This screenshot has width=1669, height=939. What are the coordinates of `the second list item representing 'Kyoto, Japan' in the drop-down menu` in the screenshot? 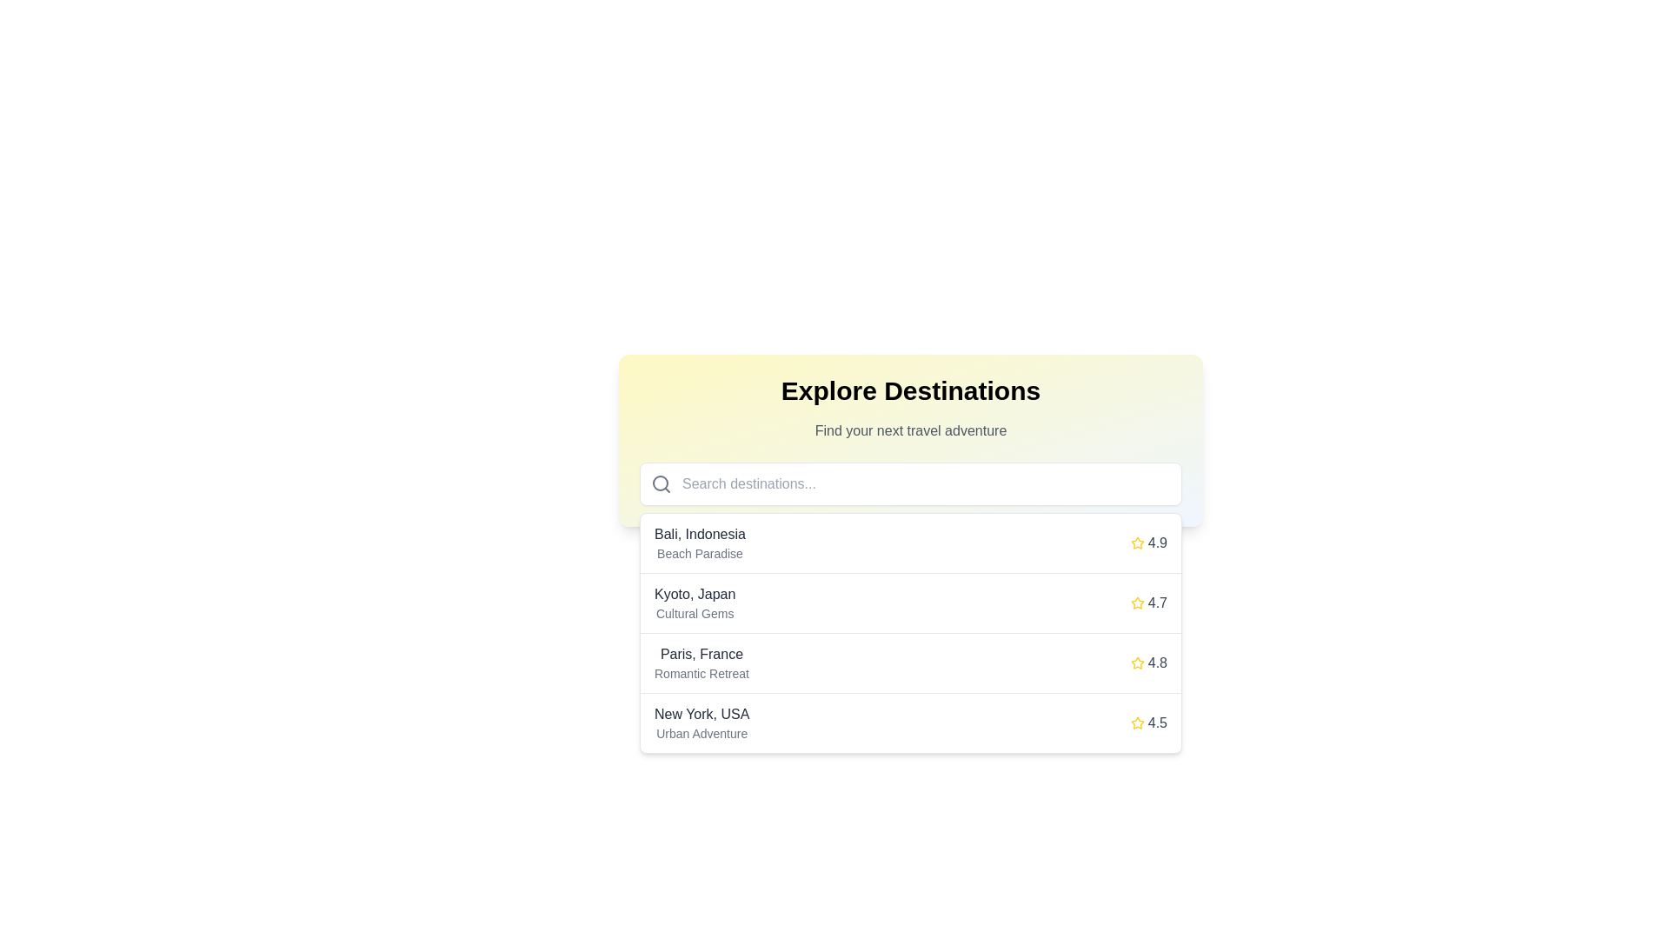 It's located at (909, 603).